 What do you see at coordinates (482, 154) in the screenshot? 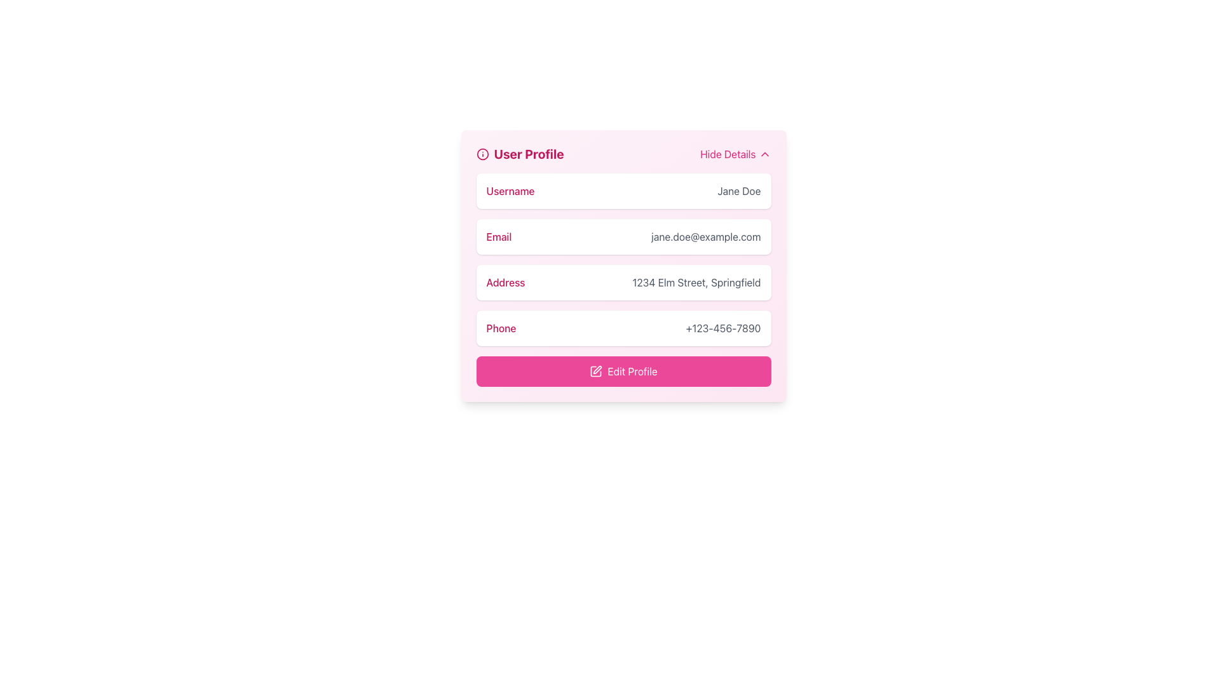
I see `the information icon located to the left of the 'User Profile' text in the application's header` at bounding box center [482, 154].